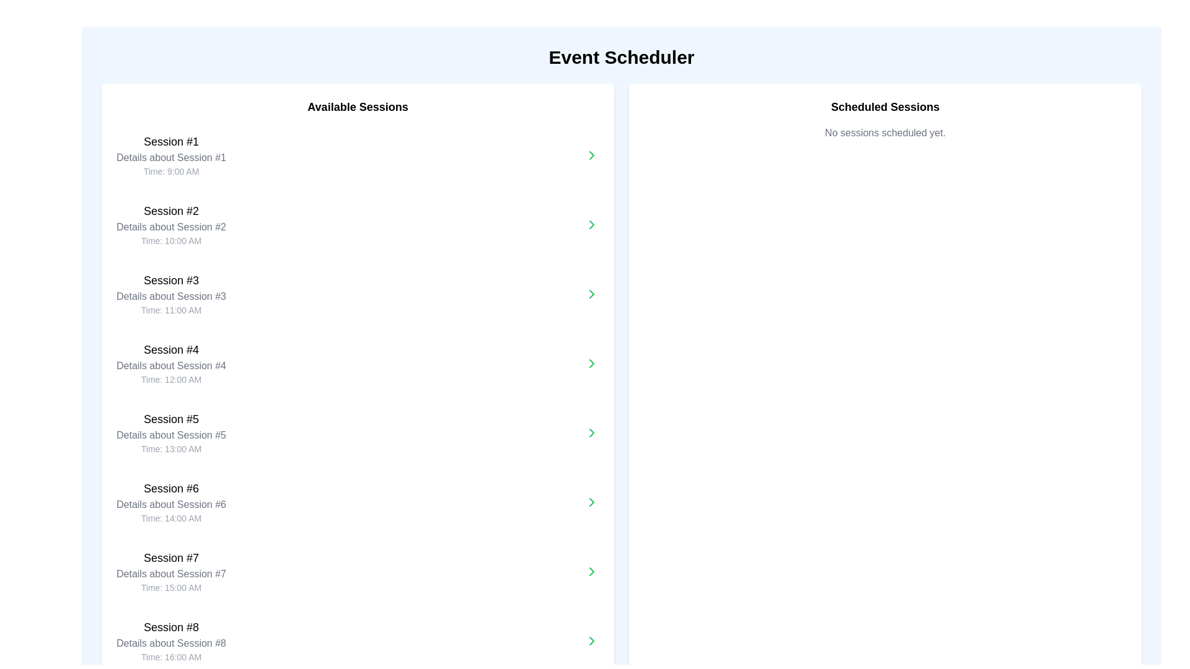 This screenshot has height=669, width=1190. What do you see at coordinates (170, 502) in the screenshot?
I see `the List item containing session details that displays 'Session #6', including its title, subtitle, and timestamp, positioned in the 'Available Sessions' column` at bounding box center [170, 502].